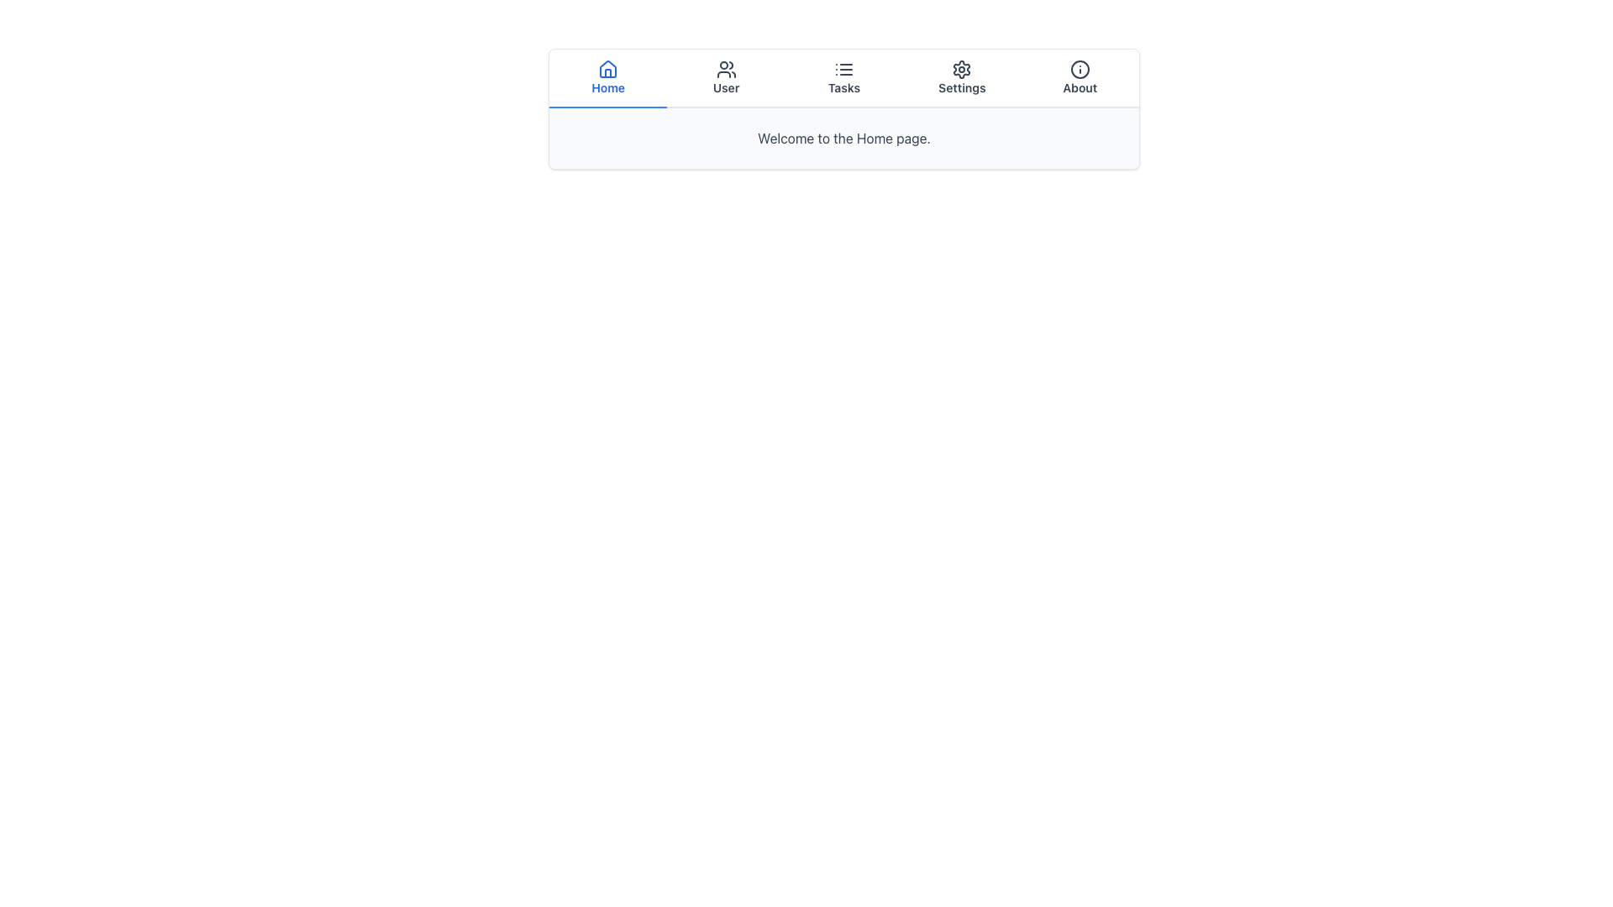 This screenshot has width=1613, height=907. What do you see at coordinates (607, 87) in the screenshot?
I see `the 'Home' label in the navigation bar, which is displayed in a bold blue font and is located under a house icon` at bounding box center [607, 87].